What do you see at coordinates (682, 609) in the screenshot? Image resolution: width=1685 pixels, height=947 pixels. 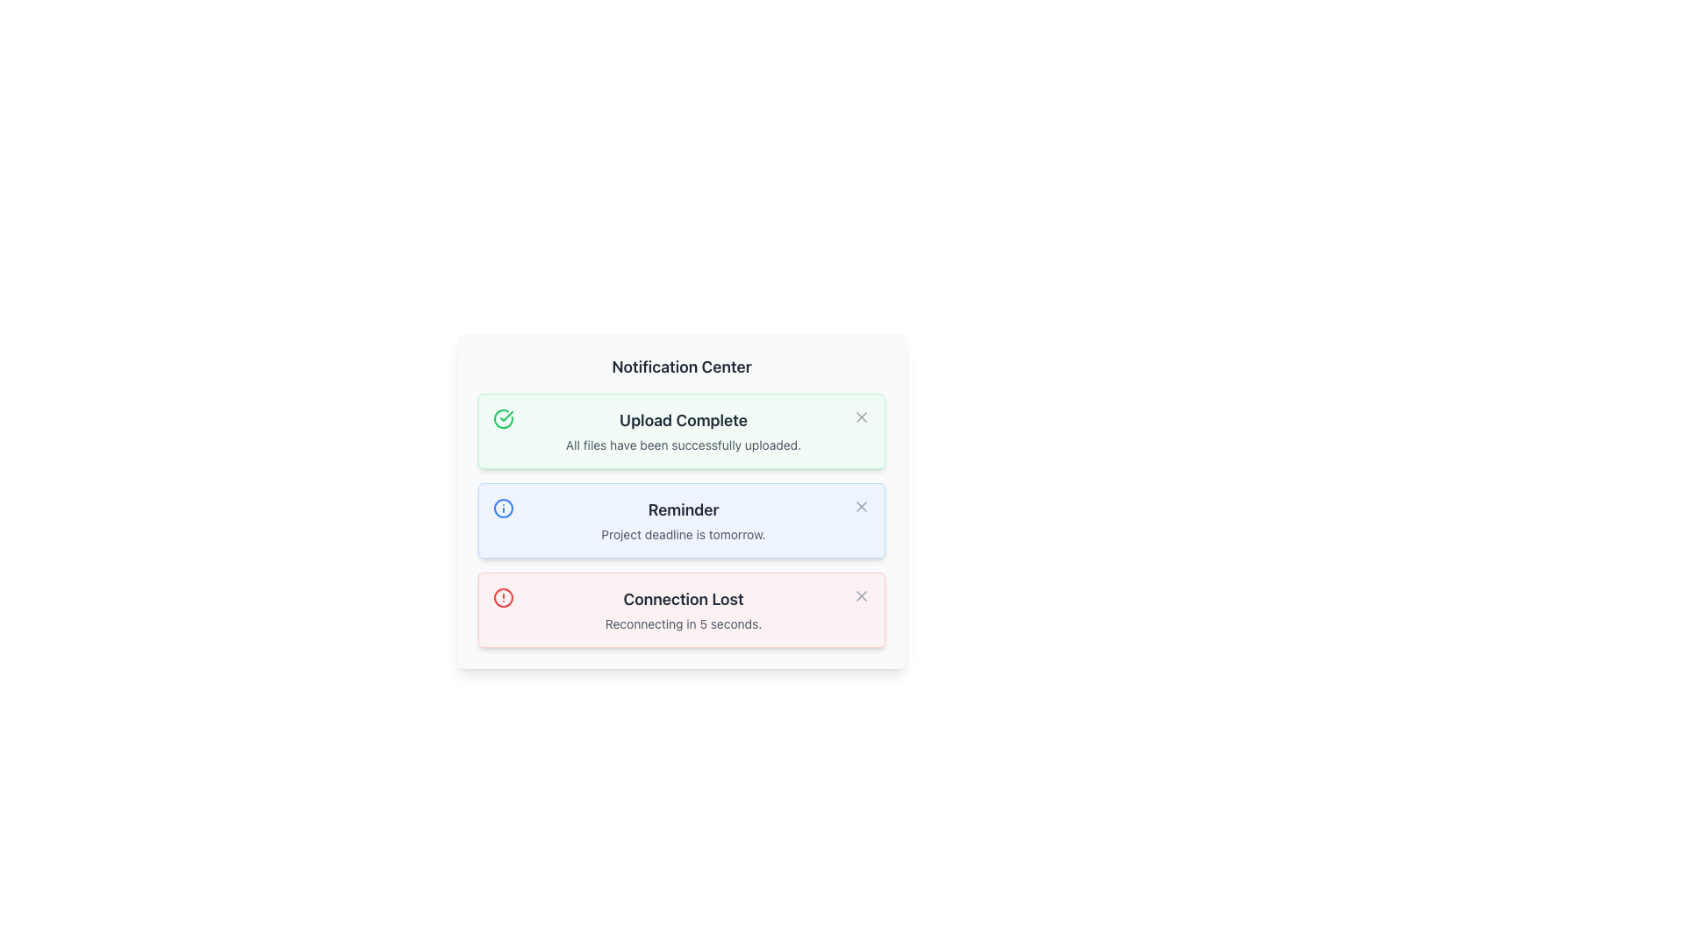 I see `the Notification box displaying 'Connection Lost' with a light red background, which includes an 'X' close button and a red error icon` at bounding box center [682, 609].